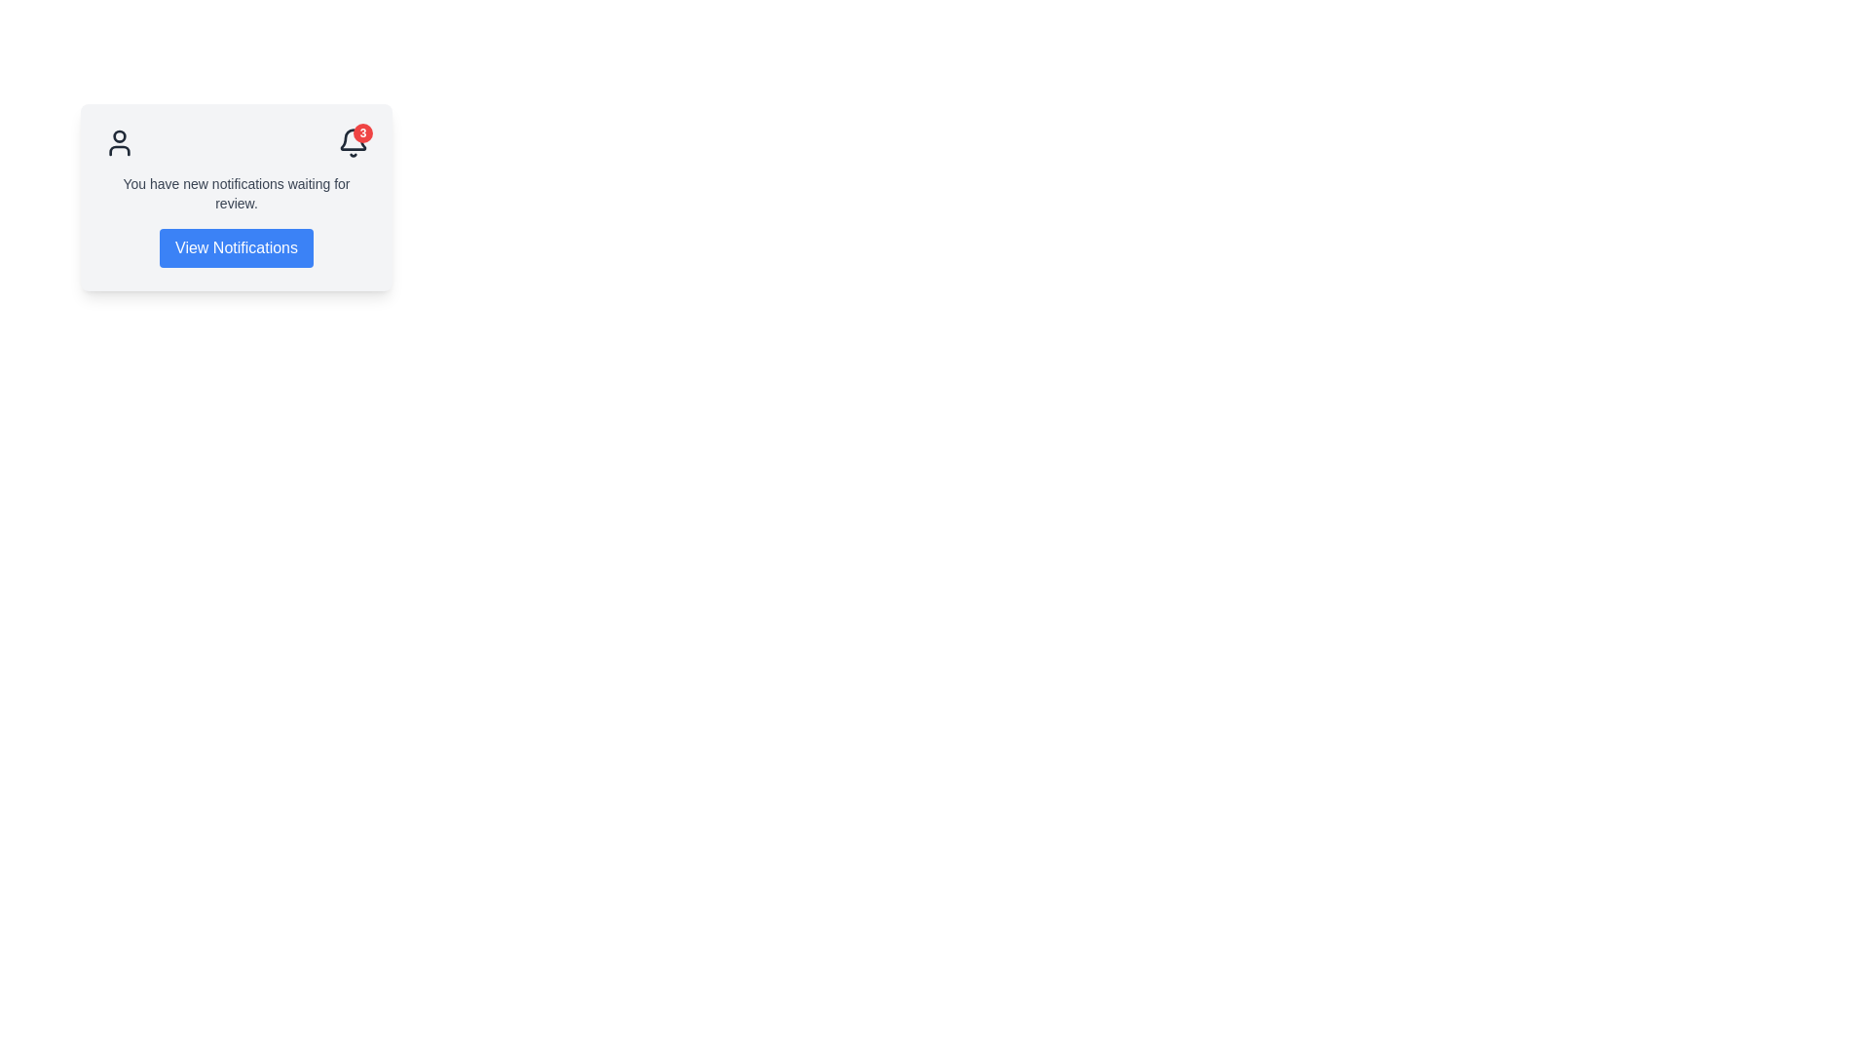  What do you see at coordinates (354, 141) in the screenshot?
I see `the Notification indicator with a badge` at bounding box center [354, 141].